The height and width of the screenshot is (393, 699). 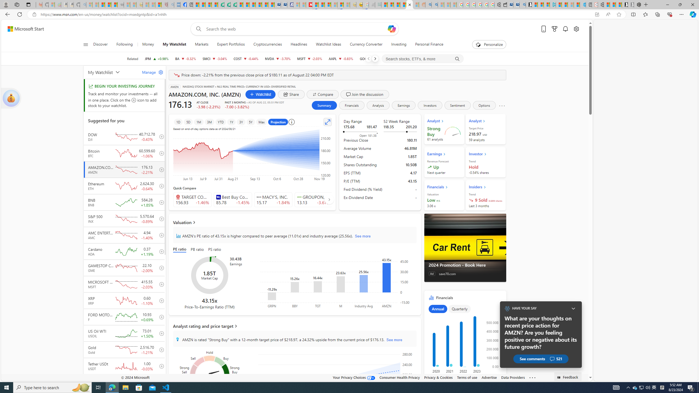 I want to click on 'App available. Install Start Money', so click(x=597, y=14).